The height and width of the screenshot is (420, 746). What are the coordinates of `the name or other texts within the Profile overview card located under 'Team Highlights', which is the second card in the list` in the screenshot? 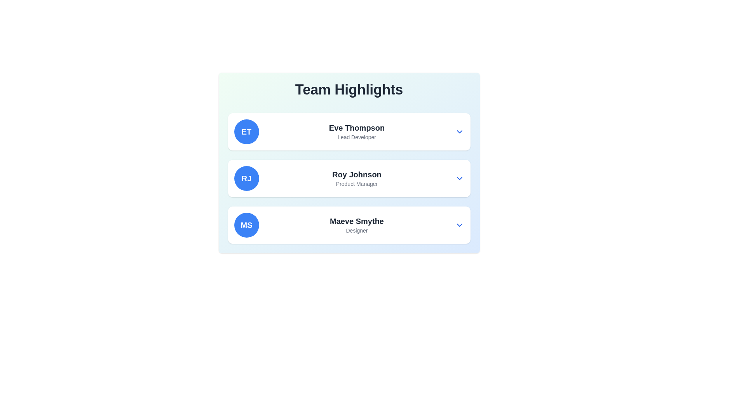 It's located at (349, 178).